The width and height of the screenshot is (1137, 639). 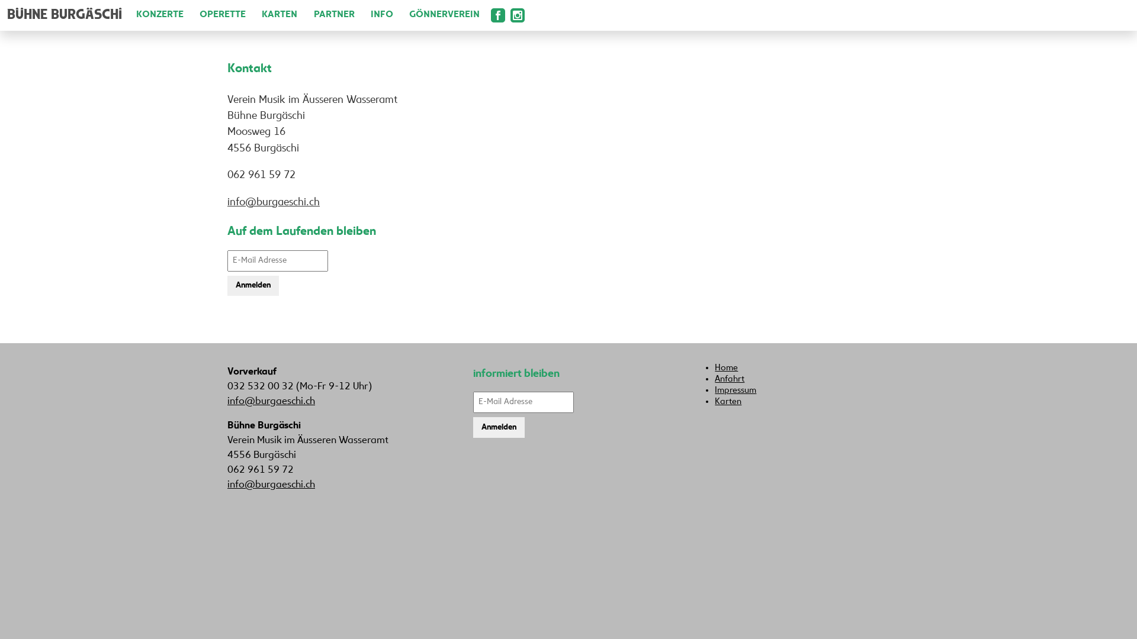 I want to click on 'Impressum', so click(x=735, y=390).